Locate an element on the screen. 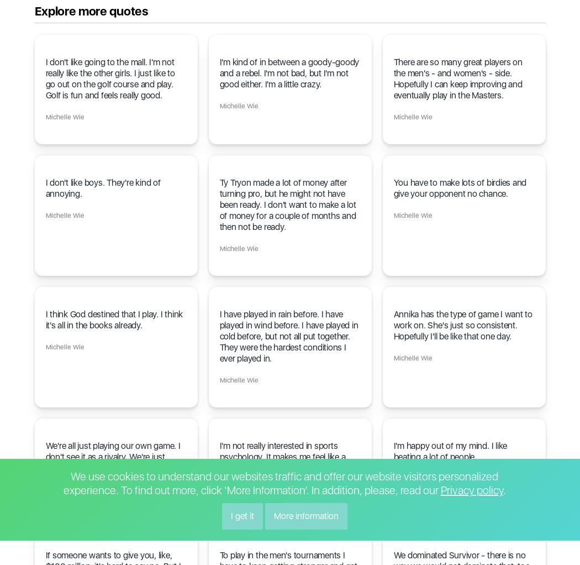 The image size is (580, 565). '.' is located at coordinates (504, 489).